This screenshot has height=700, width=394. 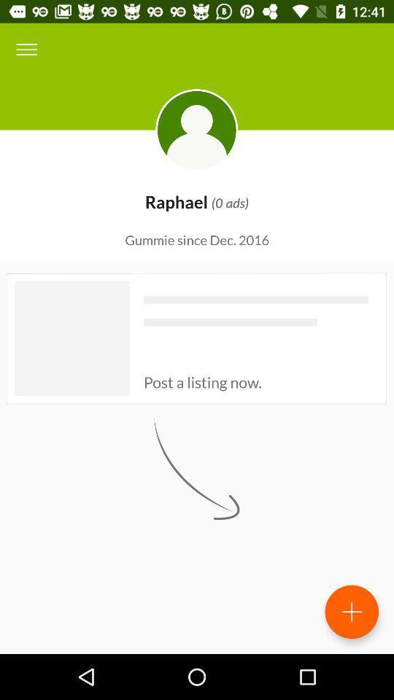 I want to click on item at the top left corner, so click(x=26, y=50).